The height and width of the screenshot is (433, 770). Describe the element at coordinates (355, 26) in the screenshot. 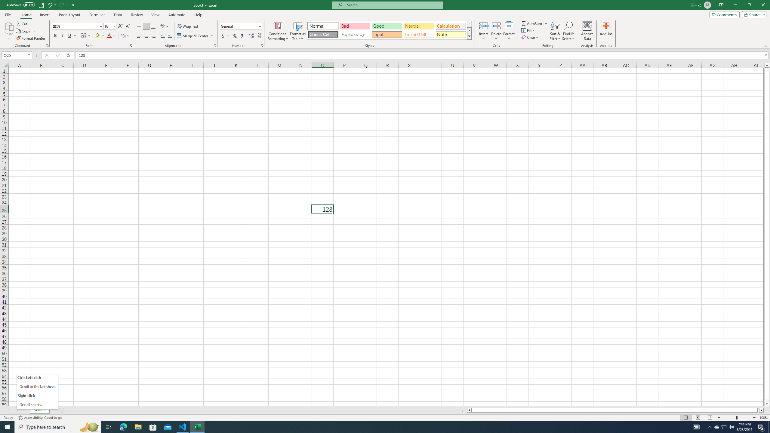

I see `'Bad'` at that location.